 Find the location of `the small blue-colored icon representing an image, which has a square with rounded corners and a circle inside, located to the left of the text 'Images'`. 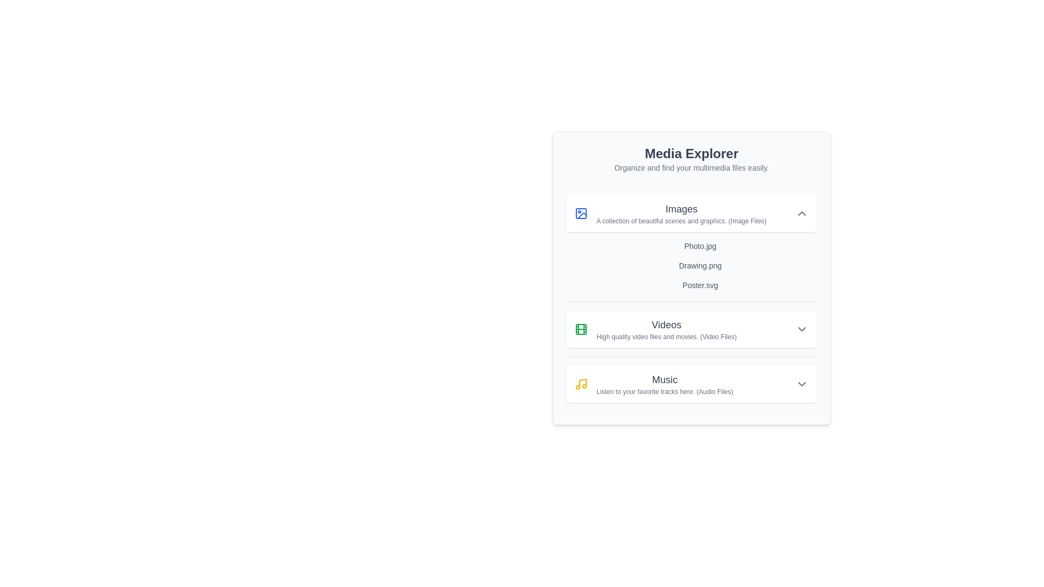

the small blue-colored icon representing an image, which has a square with rounded corners and a circle inside, located to the left of the text 'Images' is located at coordinates (581, 214).